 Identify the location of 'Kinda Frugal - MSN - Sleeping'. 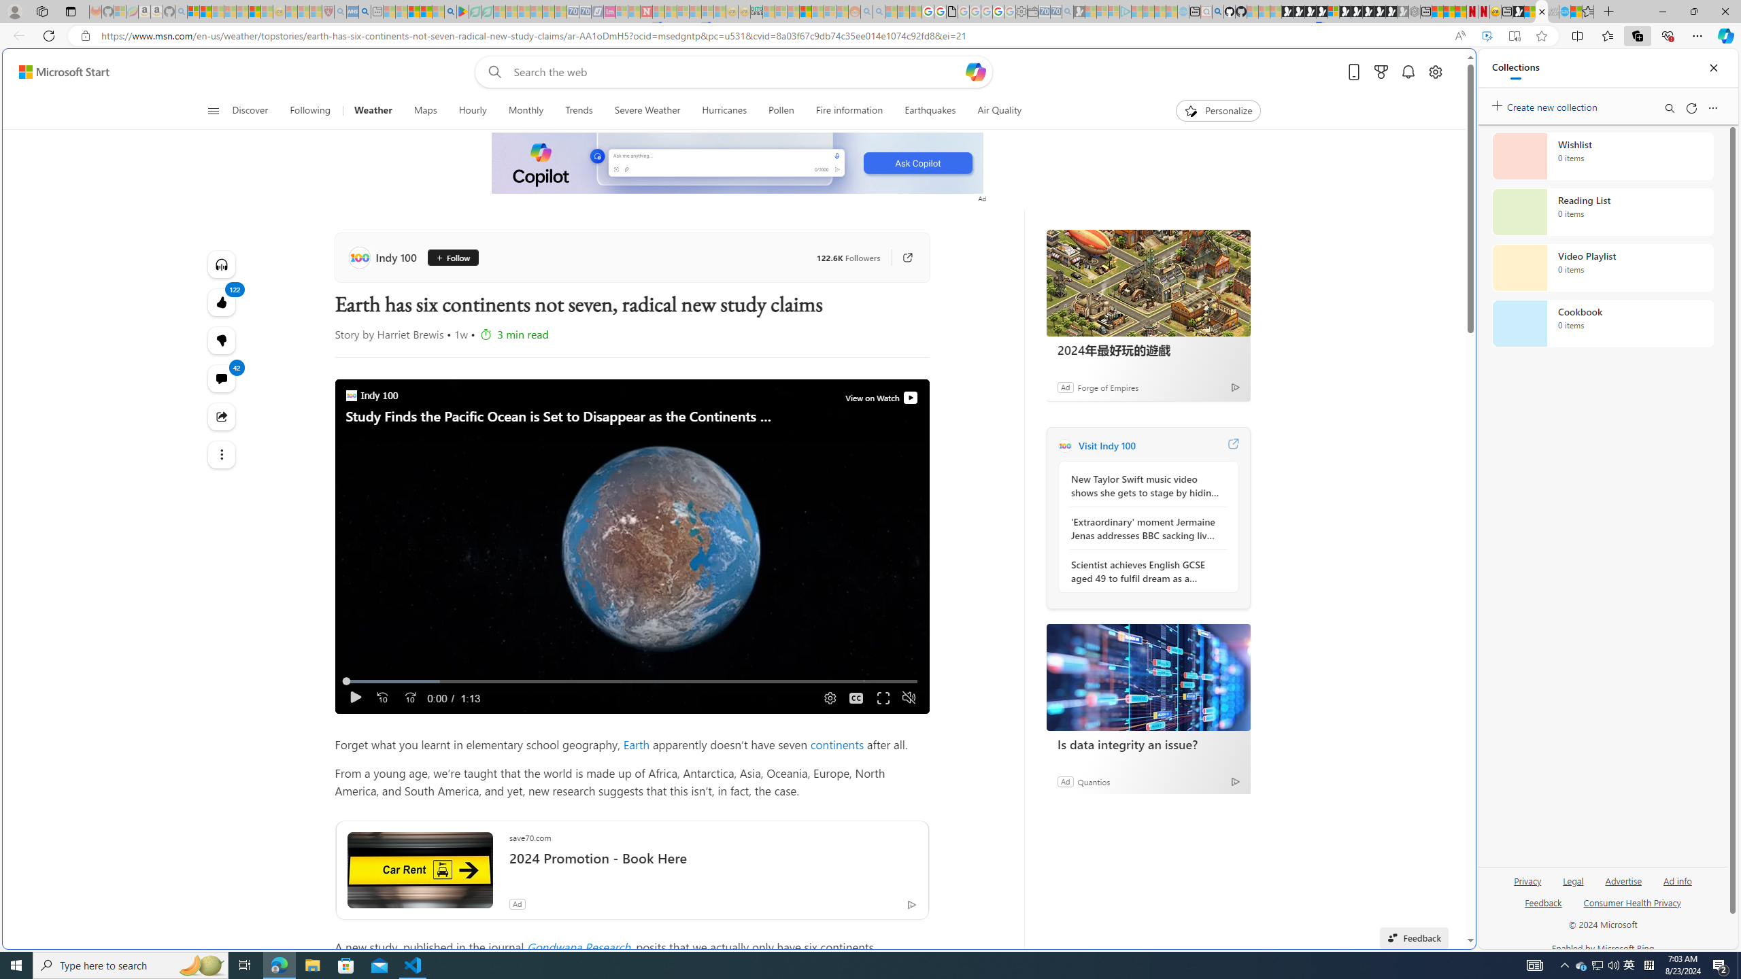
(817, 11).